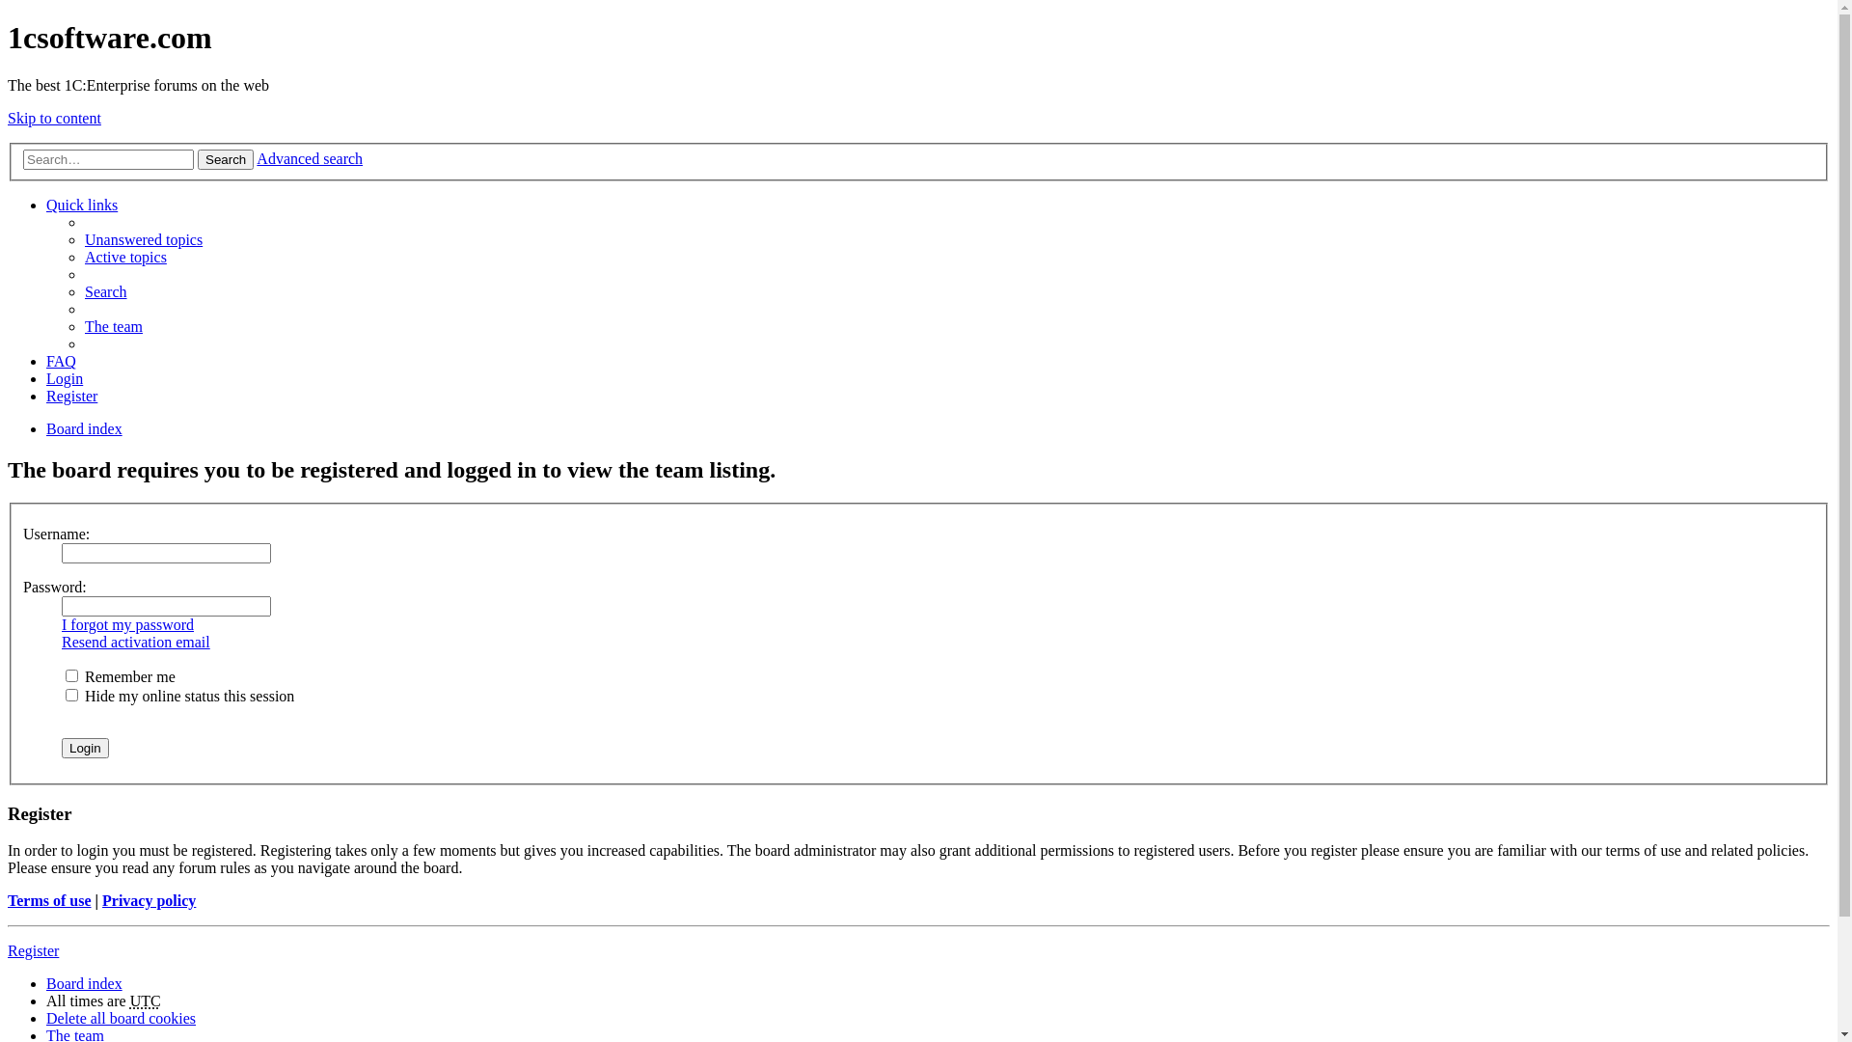  Describe the element at coordinates (83, 427) in the screenshot. I see `'Board index'` at that location.